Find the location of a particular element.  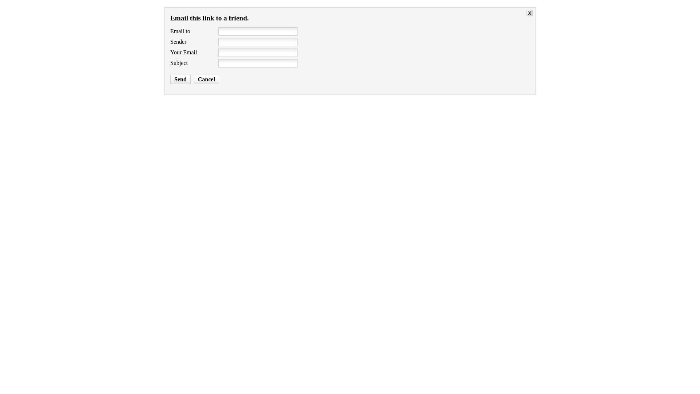

'Cancel' is located at coordinates (206, 80).